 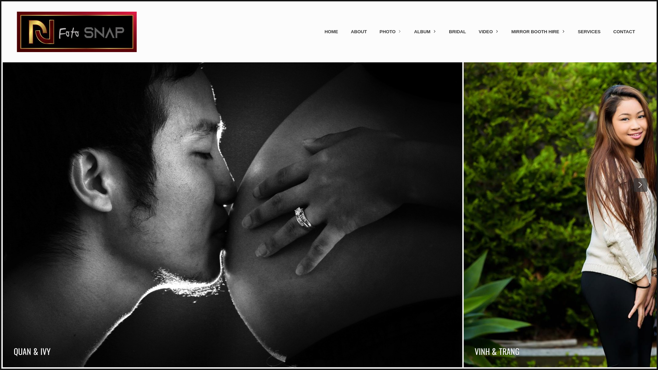 What do you see at coordinates (588, 32) in the screenshot?
I see `'SERVICES'` at bounding box center [588, 32].